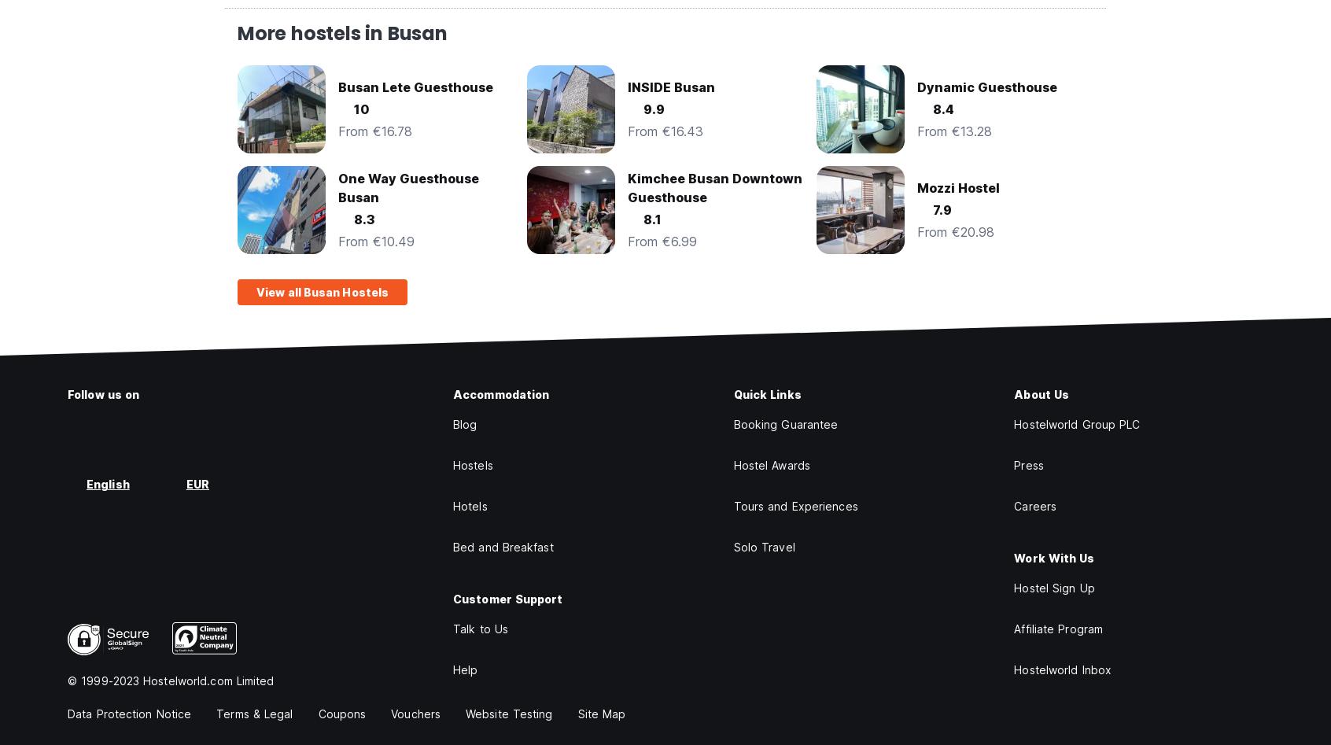 The image size is (1331, 745). What do you see at coordinates (713, 188) in the screenshot?
I see `'Kimchee Busan Downtown Guesthouse'` at bounding box center [713, 188].